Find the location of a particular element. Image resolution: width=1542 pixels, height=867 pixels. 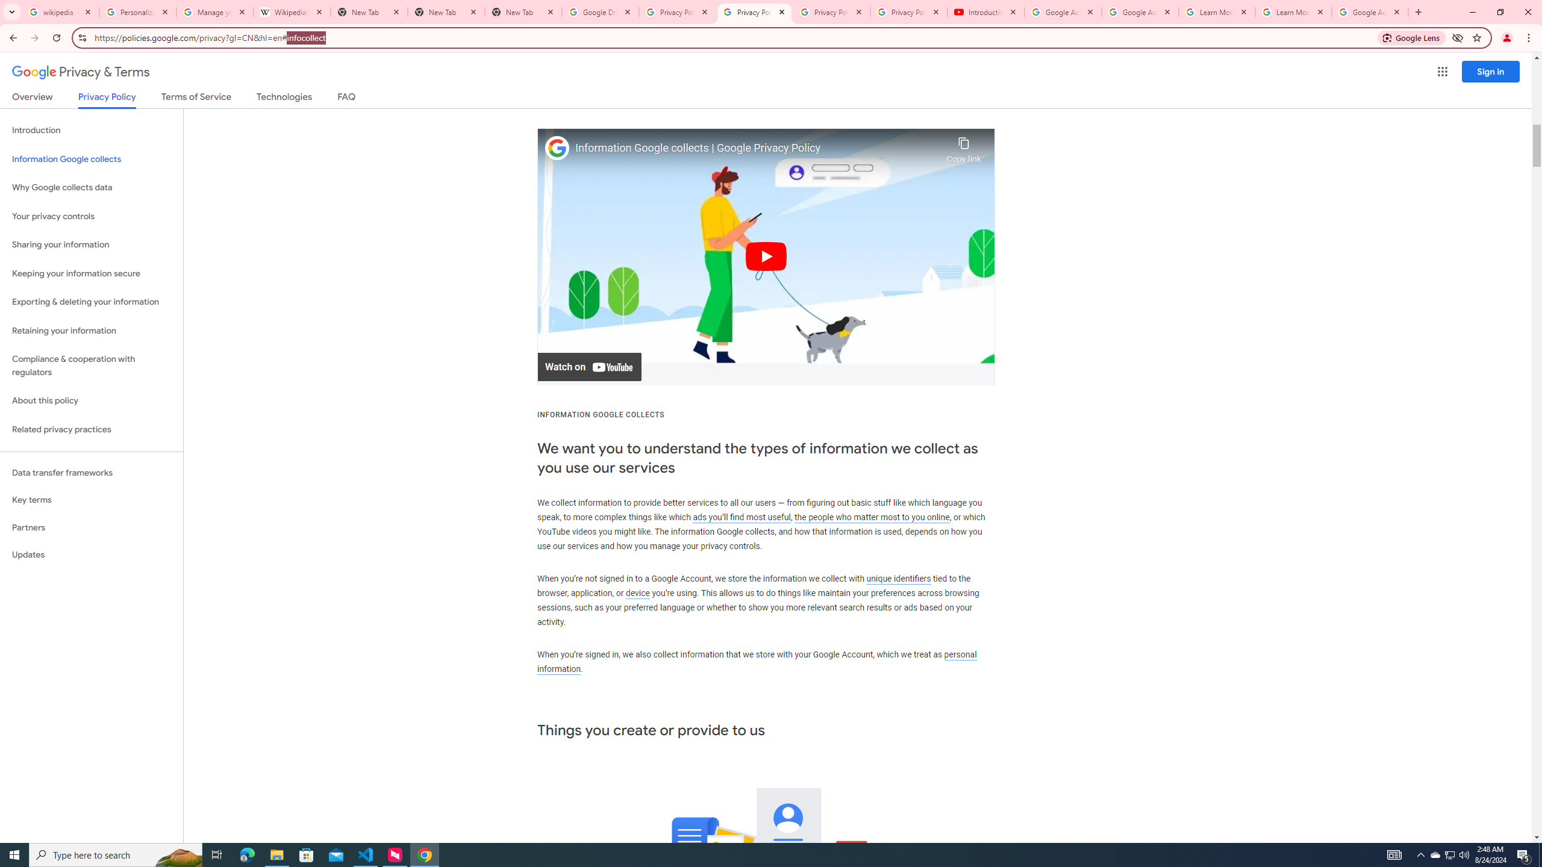

'Partners' is located at coordinates (91, 527).